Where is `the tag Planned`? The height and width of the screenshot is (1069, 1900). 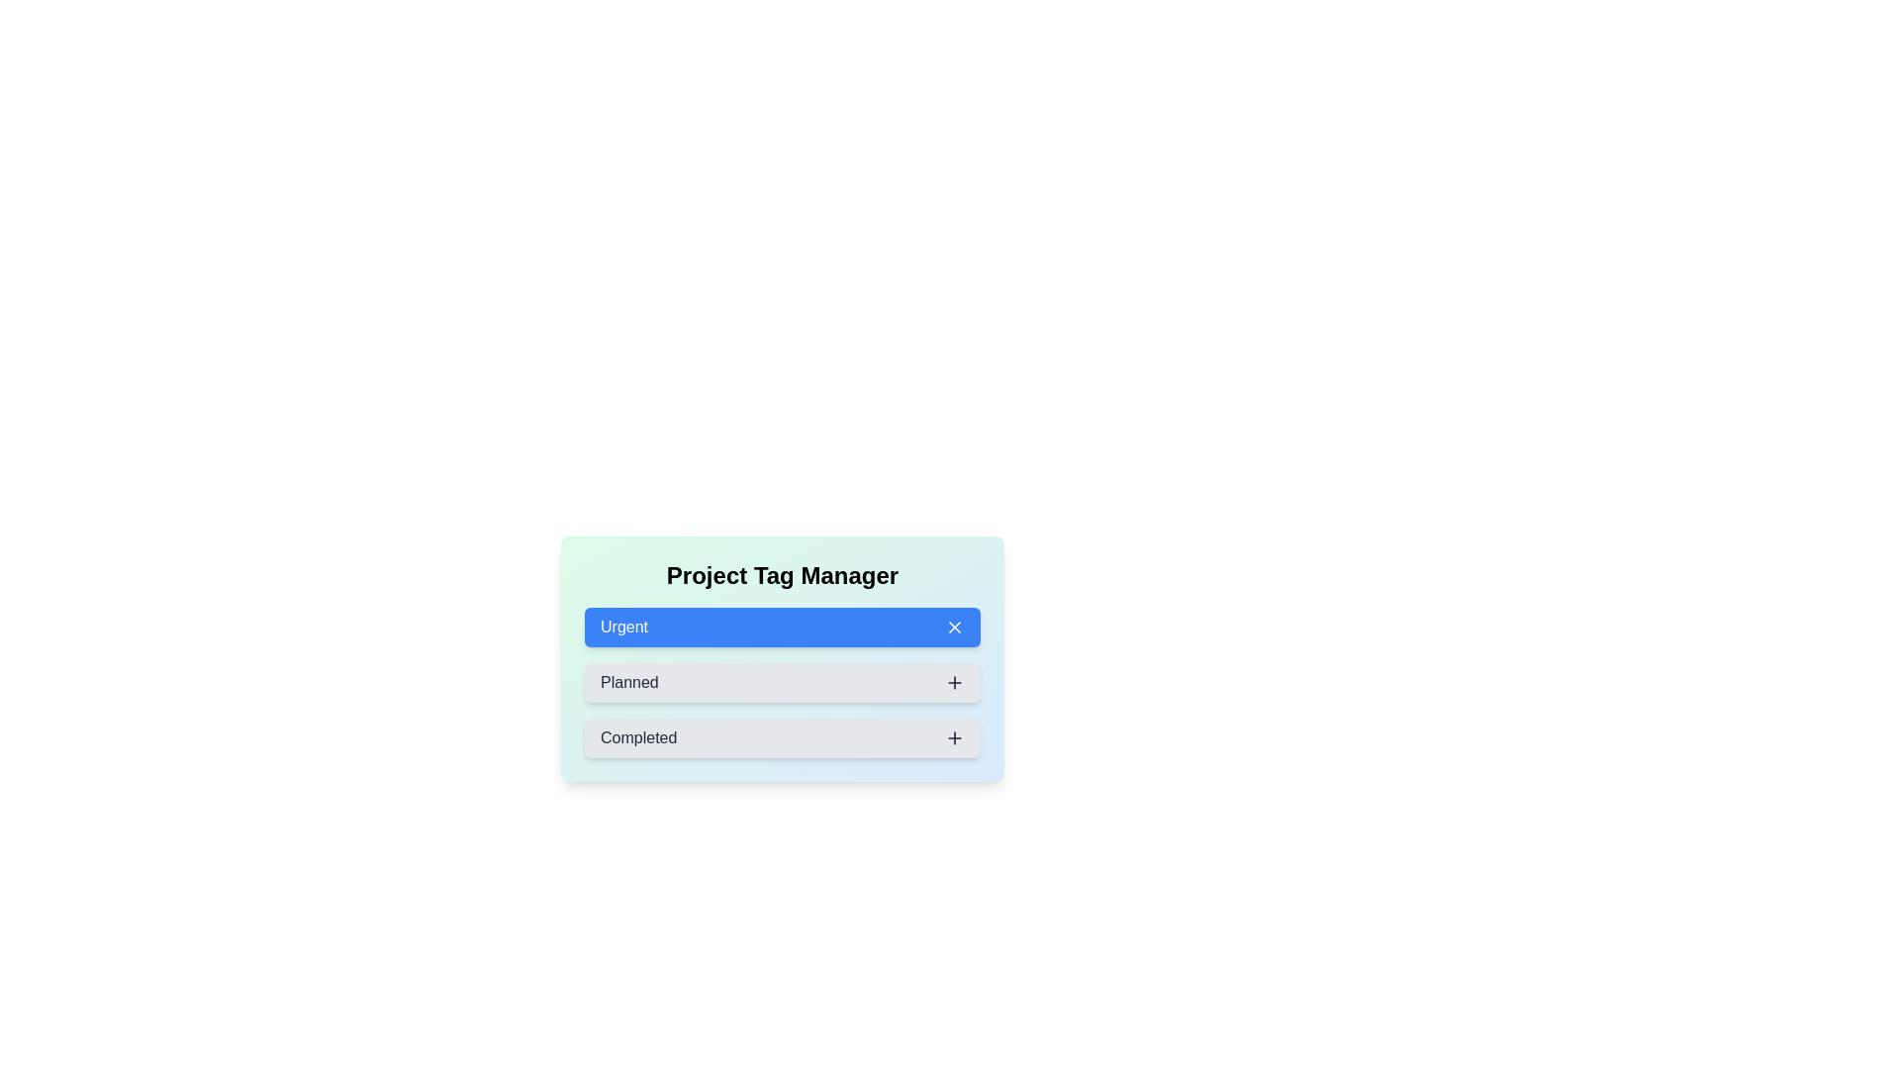
the tag Planned is located at coordinates (782, 682).